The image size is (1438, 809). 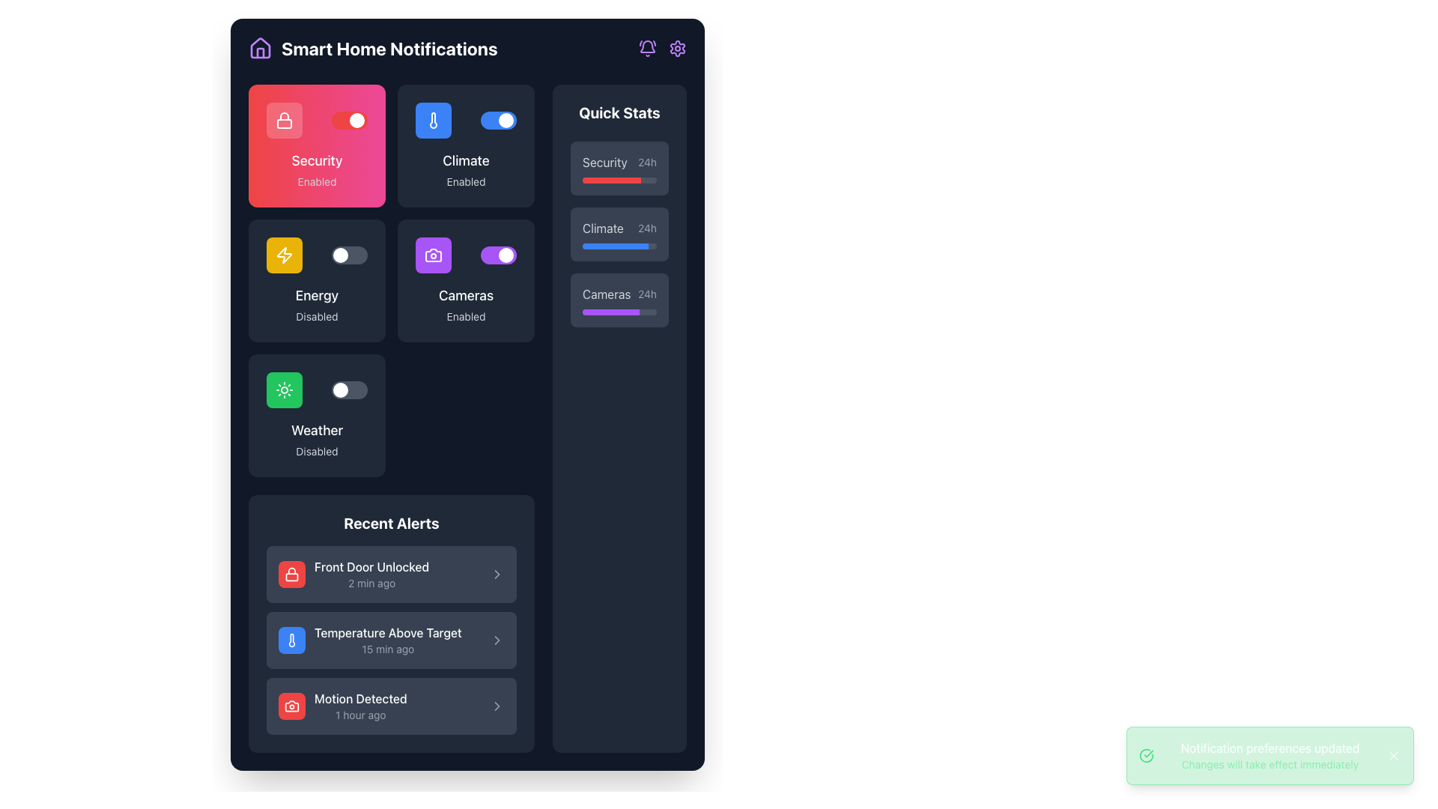 What do you see at coordinates (291, 706) in the screenshot?
I see `the camera alert icon indicating a motion detection event in the third alert box of the 'Recent Alerts' section on the left-side panel` at bounding box center [291, 706].